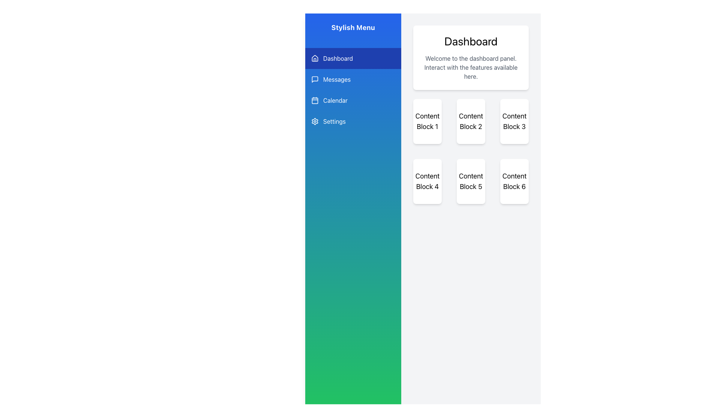 Image resolution: width=720 pixels, height=405 pixels. What do you see at coordinates (352, 100) in the screenshot?
I see `the third button in the navigation menu, located between 'Messages' and 'Settings'` at bounding box center [352, 100].